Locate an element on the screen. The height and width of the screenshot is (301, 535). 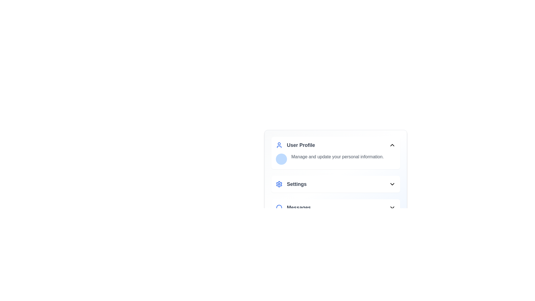
the 'Messages' text label element, which is styled in bold and dark gray, located as the third item in the 'User Profile' and 'Settings' options is located at coordinates (298, 207).